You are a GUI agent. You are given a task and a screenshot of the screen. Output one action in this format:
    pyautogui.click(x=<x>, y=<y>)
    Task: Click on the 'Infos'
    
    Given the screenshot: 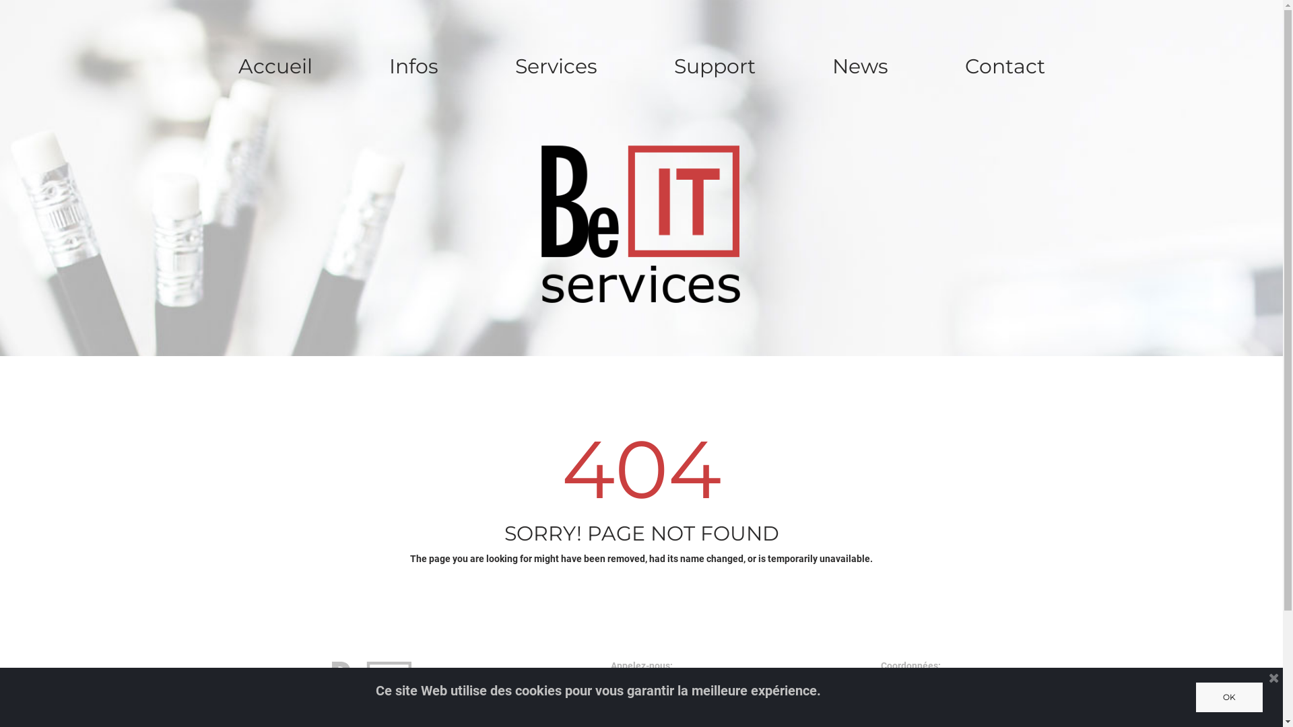 What is the action you would take?
    pyautogui.click(x=412, y=67)
    